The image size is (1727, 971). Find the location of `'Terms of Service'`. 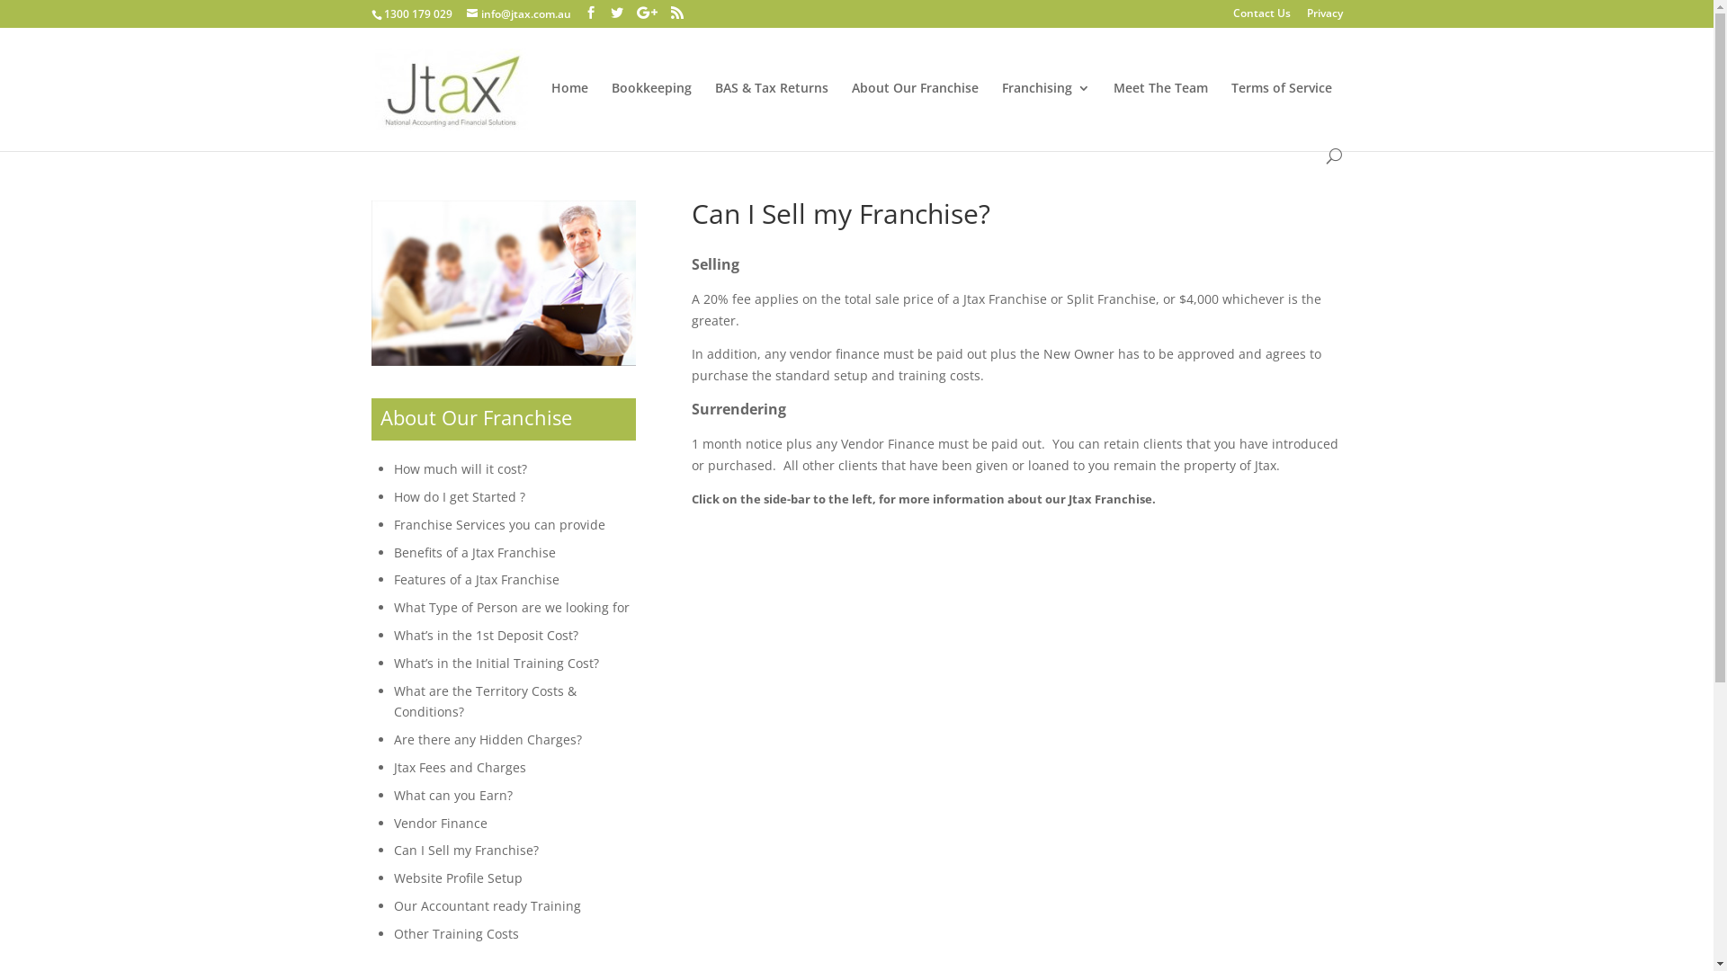

'Terms of Service' is located at coordinates (1280, 114).